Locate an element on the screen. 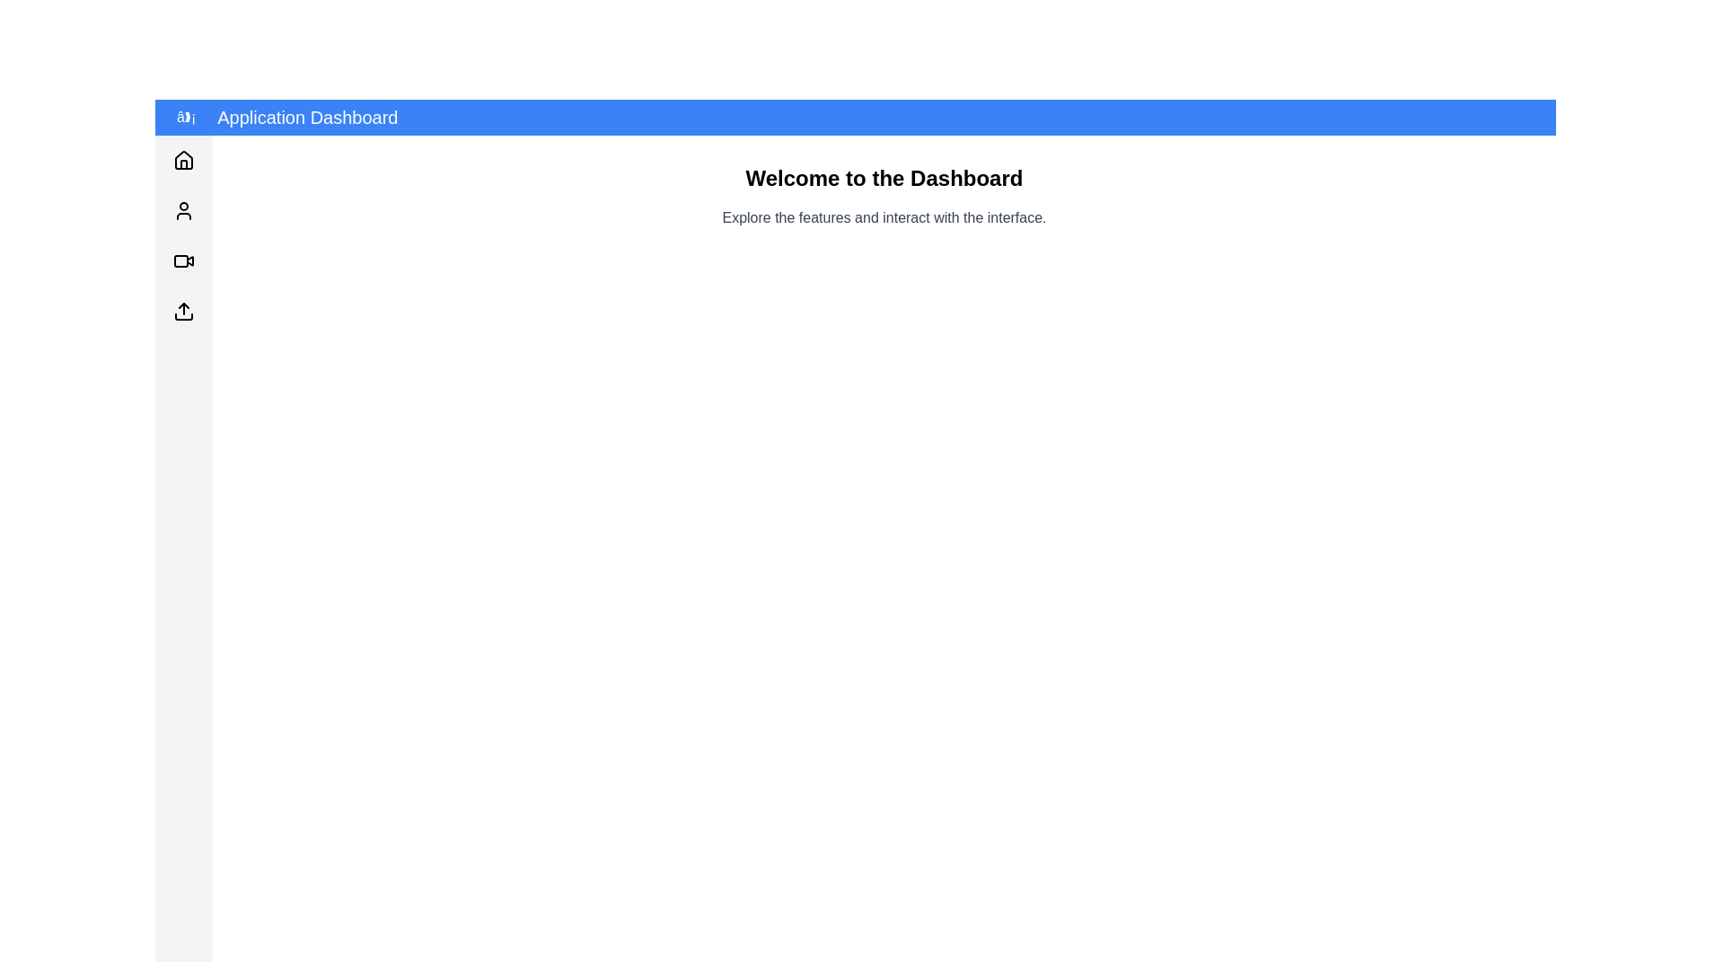 The image size is (1724, 970). the text block that reads 'Explore the features and interact with the interface.' which is styled with a gray font and centered below the 'Welcome to the Dashboard.' text element is located at coordinates (884, 217).